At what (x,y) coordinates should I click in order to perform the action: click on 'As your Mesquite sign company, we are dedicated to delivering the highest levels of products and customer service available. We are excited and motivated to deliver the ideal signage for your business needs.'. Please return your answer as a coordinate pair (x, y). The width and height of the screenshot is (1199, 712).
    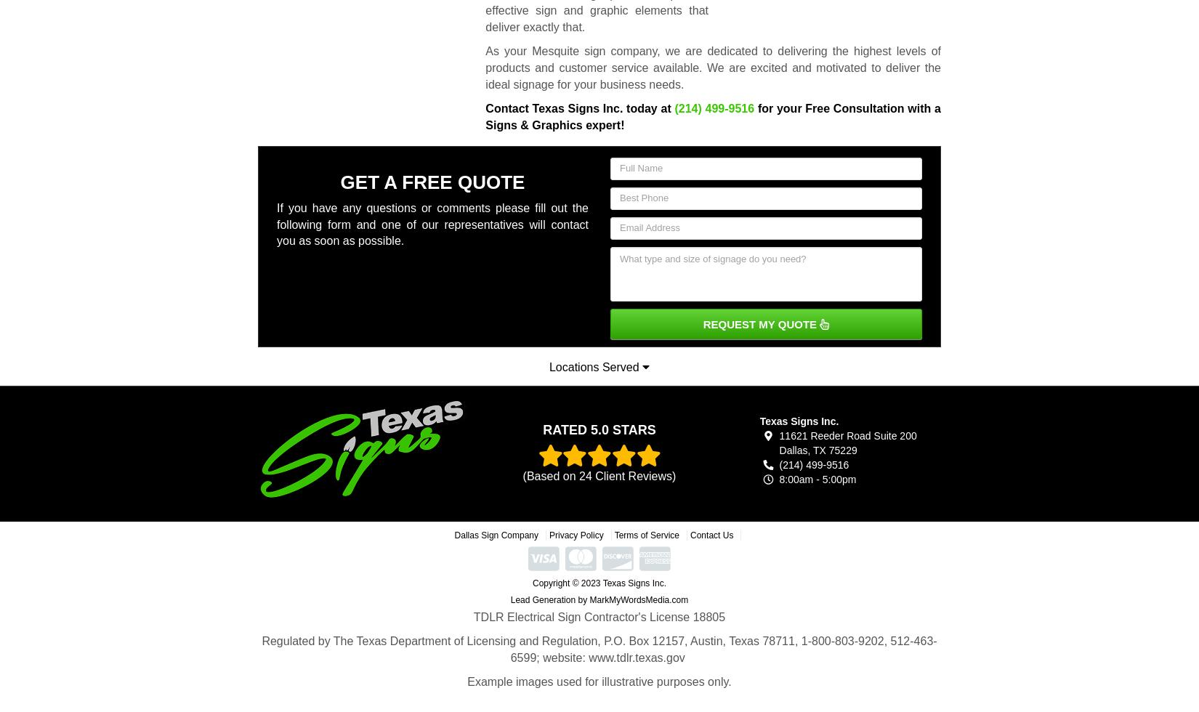
    Looking at the image, I should click on (712, 68).